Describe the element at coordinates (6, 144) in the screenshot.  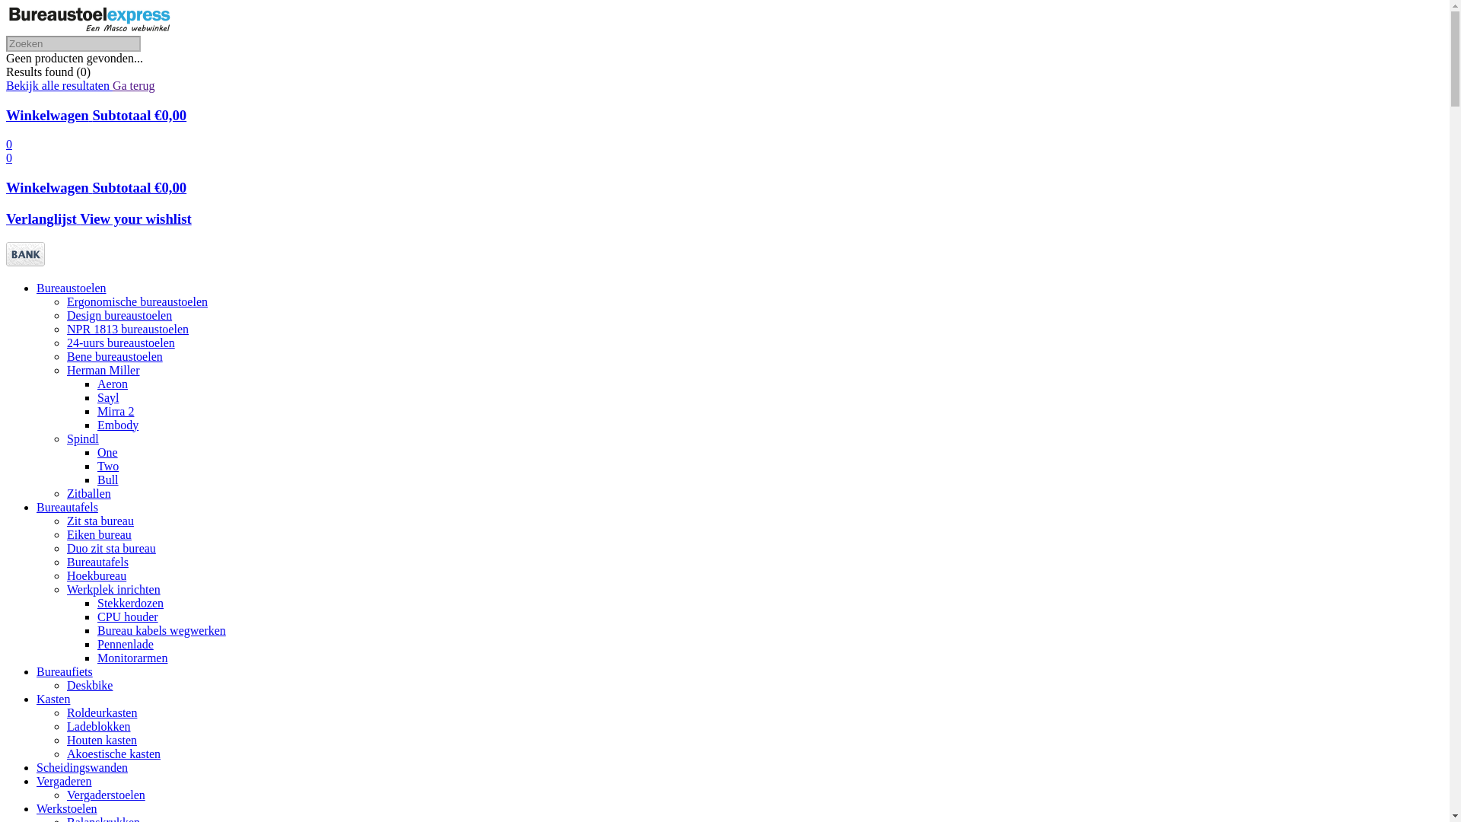
I see `'0'` at that location.